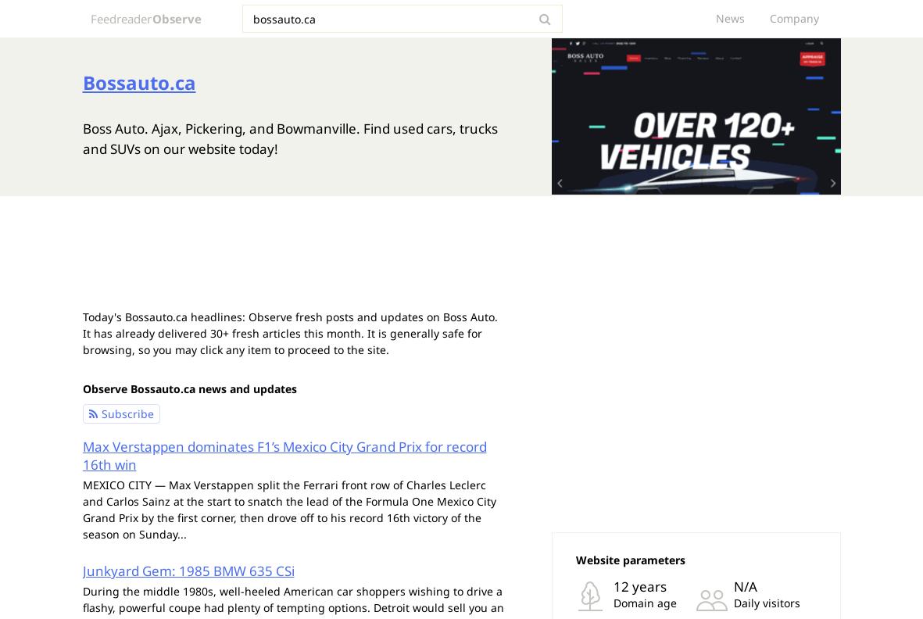 The image size is (923, 619). I want to click on 'Observe', so click(177, 17).